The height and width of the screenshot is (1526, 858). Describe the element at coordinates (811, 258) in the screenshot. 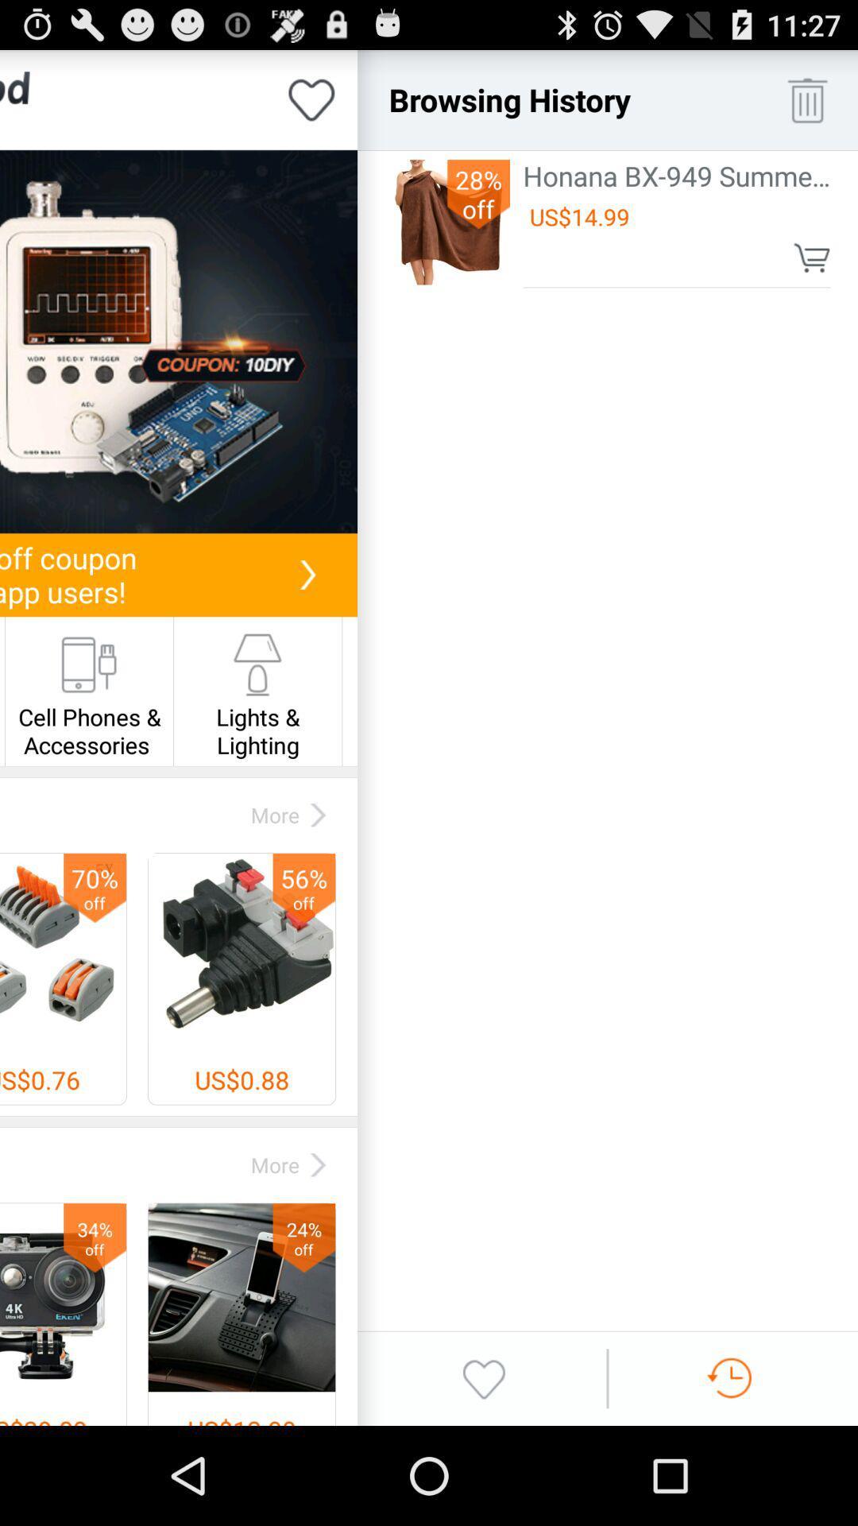

I see `the item to the cart` at that location.